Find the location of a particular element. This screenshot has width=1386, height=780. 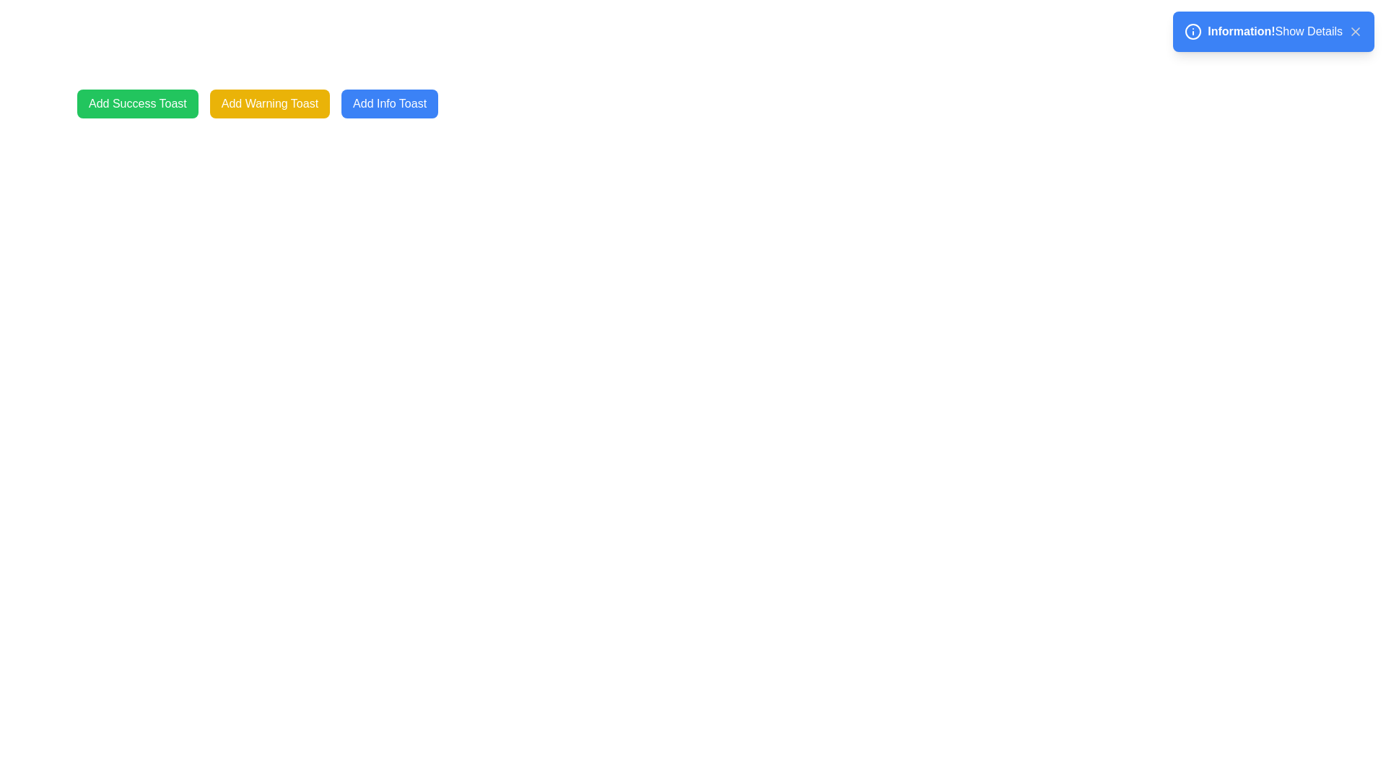

the 'Add Warning Toast' button, which is the second button in a horizontal group of three buttons used for generating different toast messages is located at coordinates (270, 103).